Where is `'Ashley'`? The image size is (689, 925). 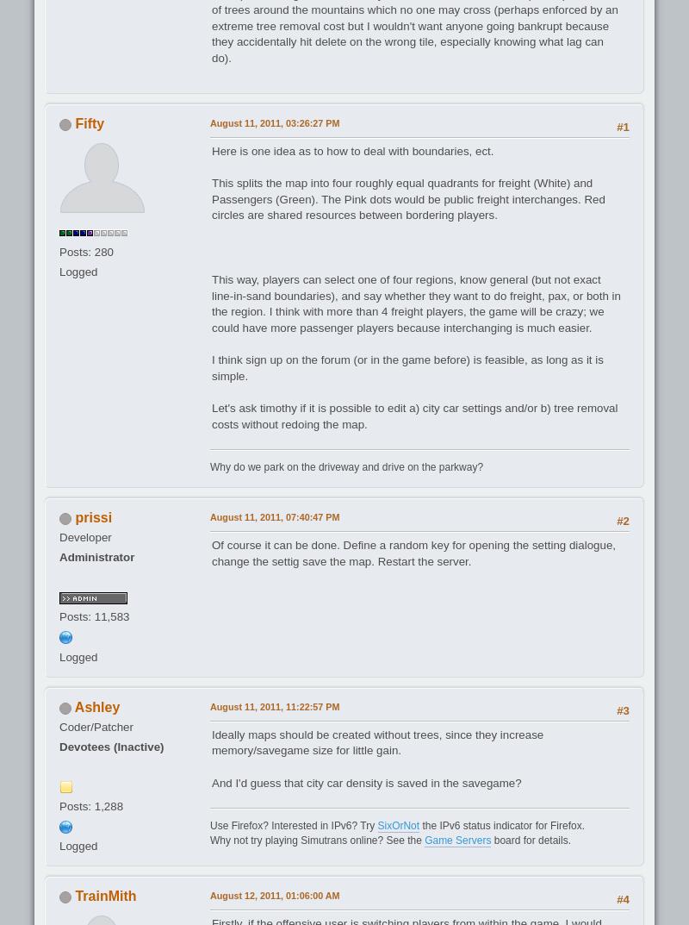 'Ashley' is located at coordinates (96, 706).